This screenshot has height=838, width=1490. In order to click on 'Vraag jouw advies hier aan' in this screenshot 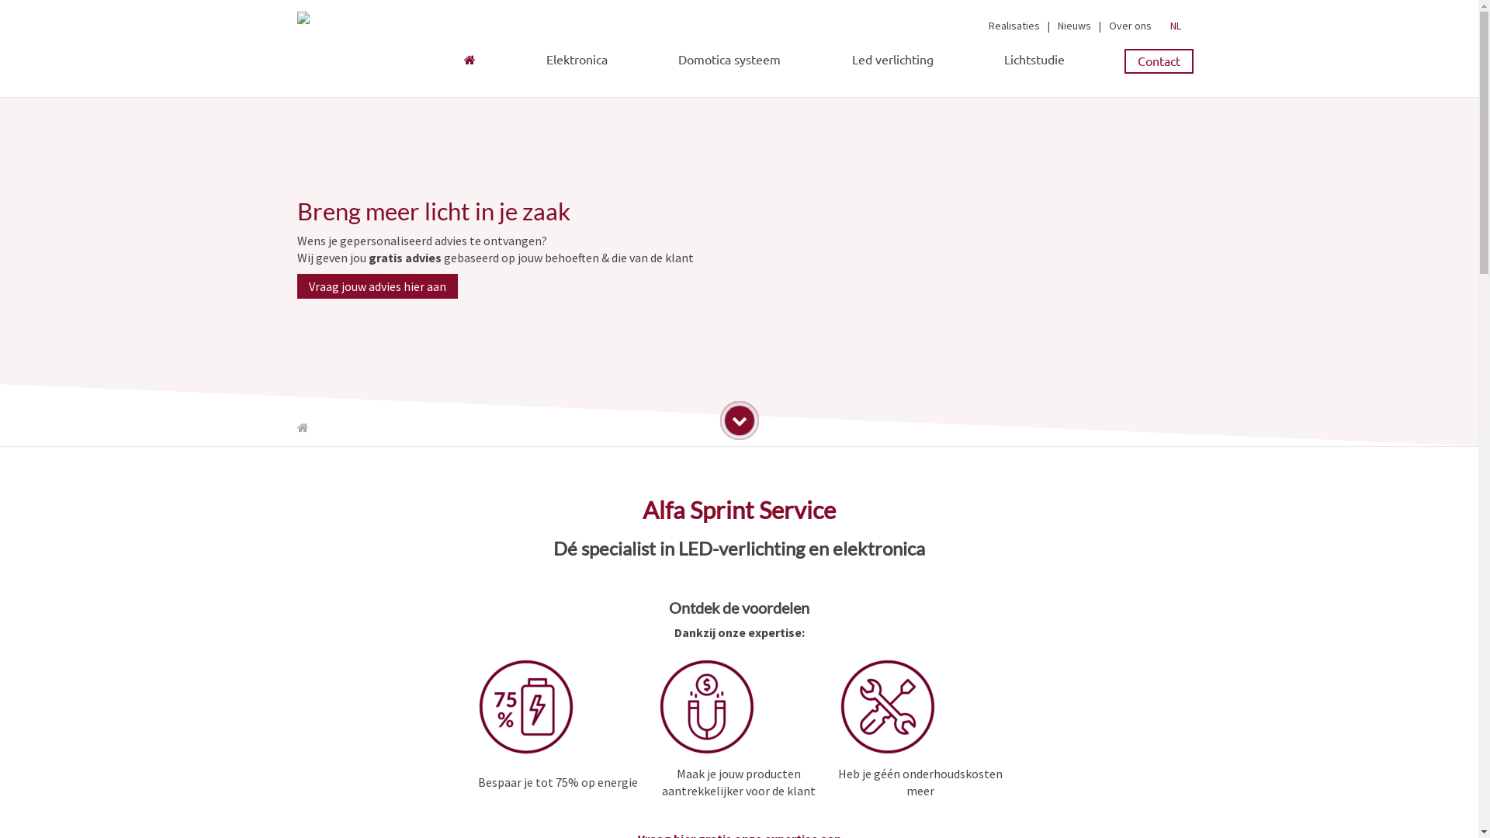, I will do `click(376, 286)`.